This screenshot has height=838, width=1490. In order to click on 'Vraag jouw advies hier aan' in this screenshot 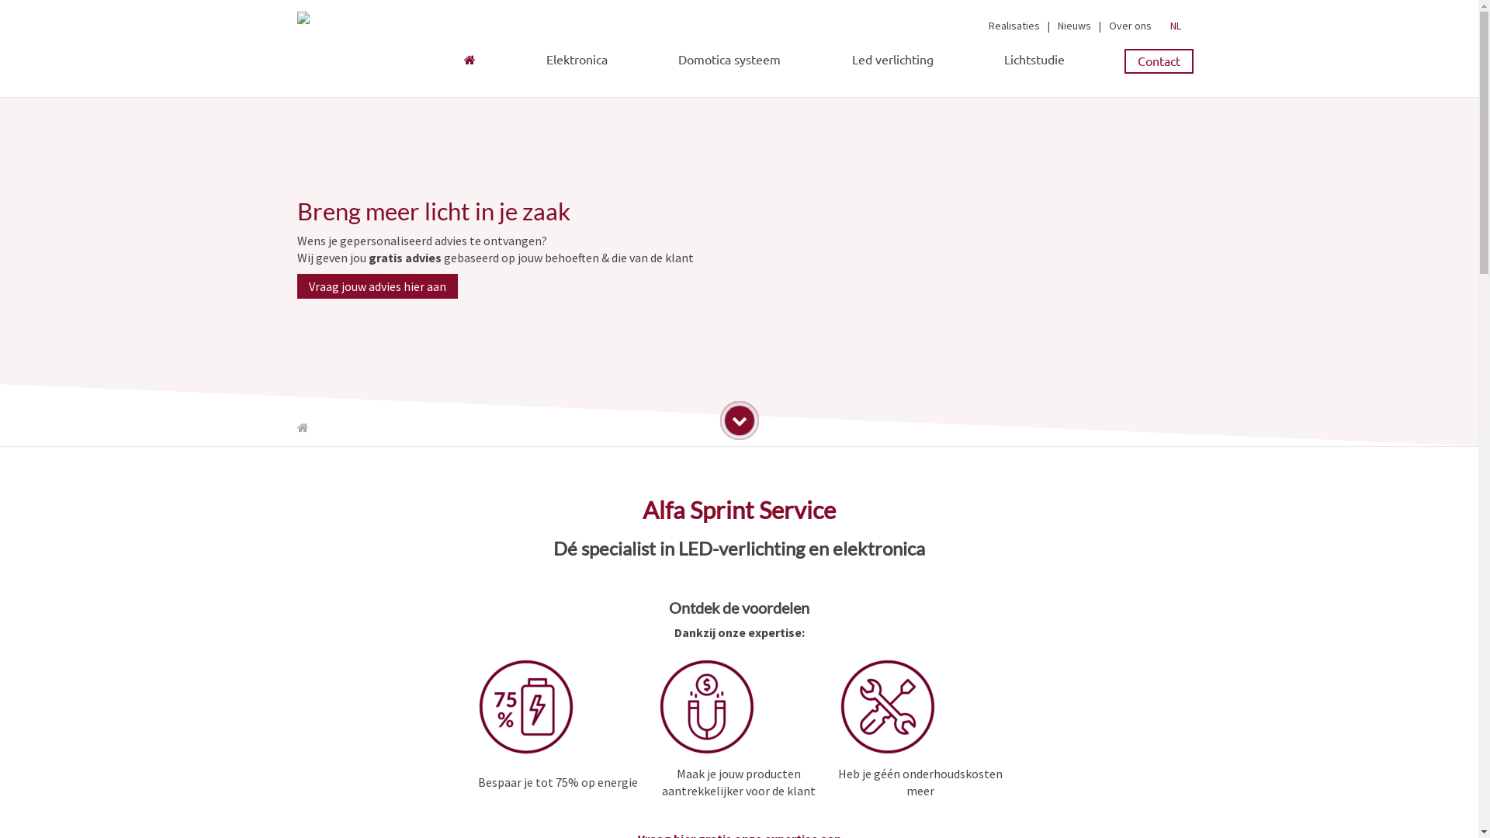, I will do `click(376, 286)`.